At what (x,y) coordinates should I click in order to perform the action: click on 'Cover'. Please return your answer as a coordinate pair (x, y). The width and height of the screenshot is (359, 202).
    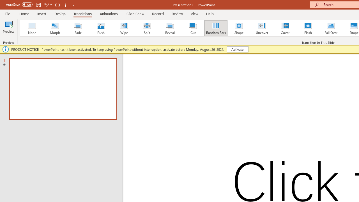
    Looking at the image, I should click on (285, 28).